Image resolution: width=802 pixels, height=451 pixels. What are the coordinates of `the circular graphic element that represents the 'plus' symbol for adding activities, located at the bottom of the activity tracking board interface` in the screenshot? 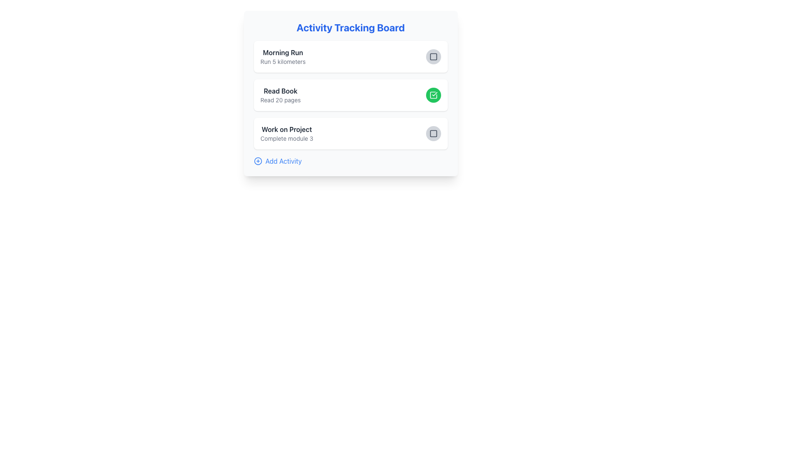 It's located at (257, 161).